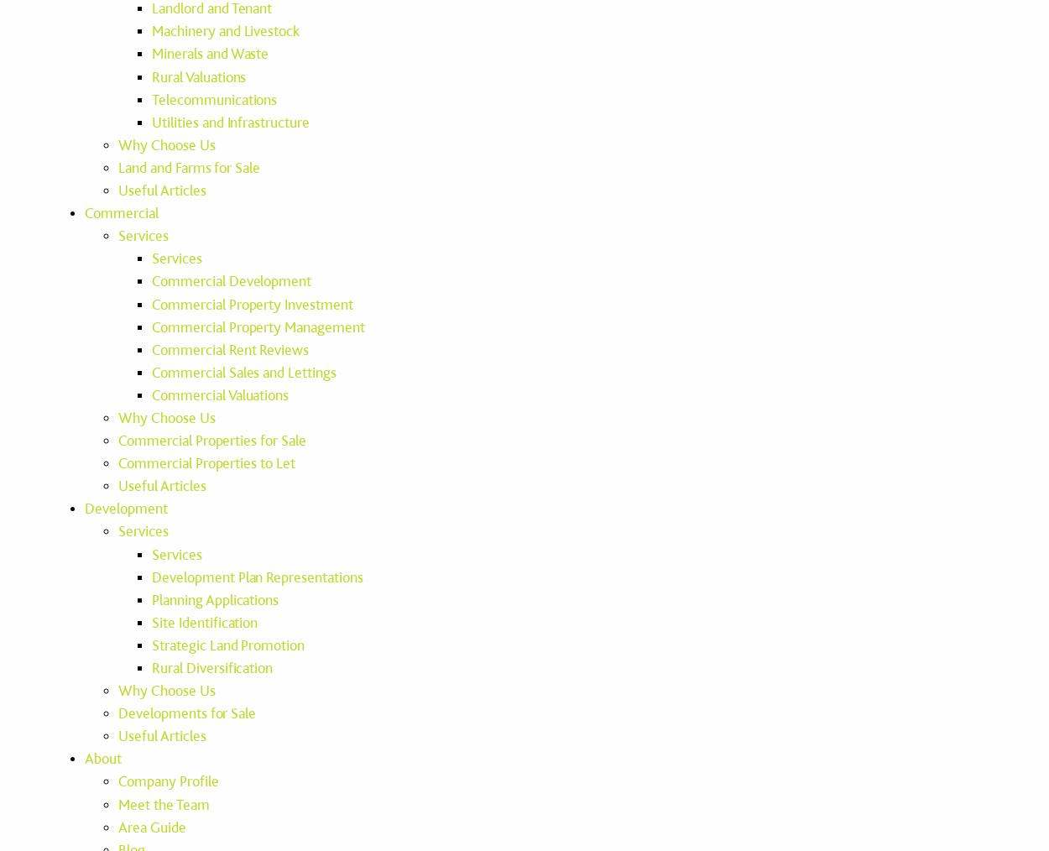 Image resolution: width=1049 pixels, height=851 pixels. I want to click on 'Utilities and Infrastructure', so click(152, 122).